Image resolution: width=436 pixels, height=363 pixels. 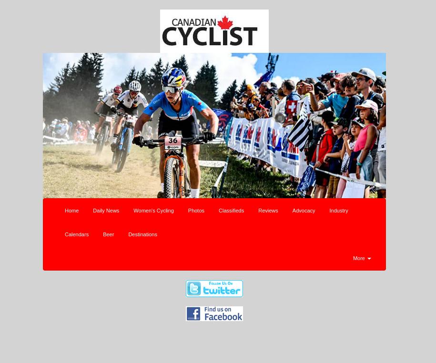 I want to click on 'Advocacy', so click(x=292, y=209).